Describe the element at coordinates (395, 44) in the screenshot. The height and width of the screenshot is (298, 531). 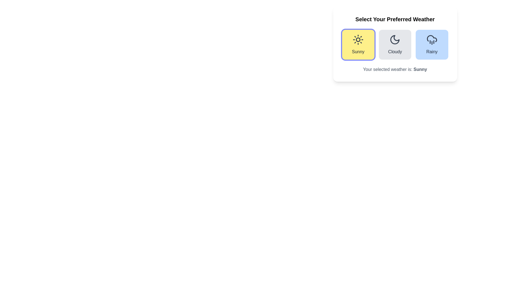
I see `the middle weather option card labeled 'Cloudy', which has a light grey background and a crescent moon icon at the top` at that location.